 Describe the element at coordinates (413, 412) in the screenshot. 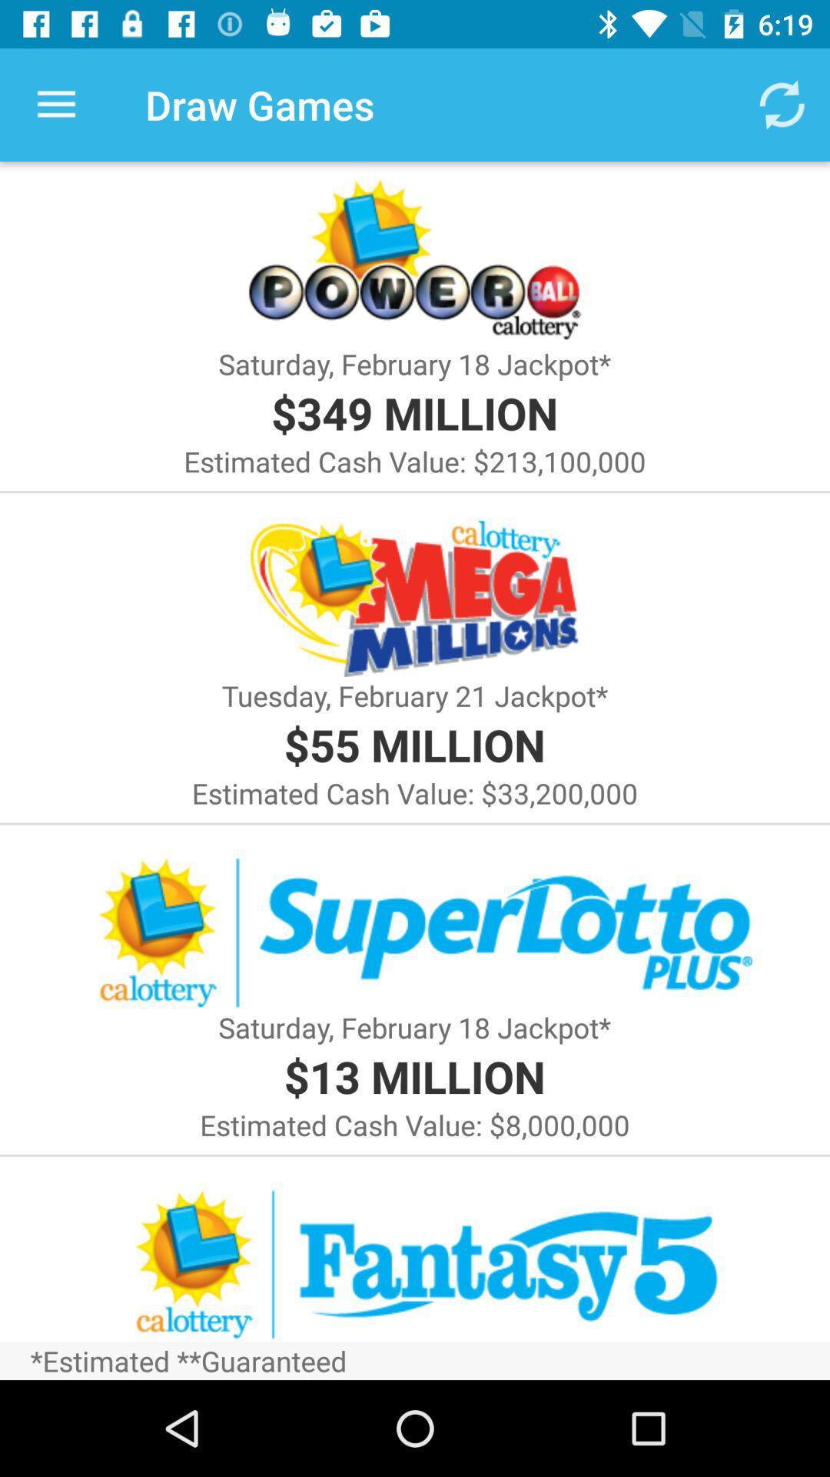

I see `the item below saturday february 18` at that location.